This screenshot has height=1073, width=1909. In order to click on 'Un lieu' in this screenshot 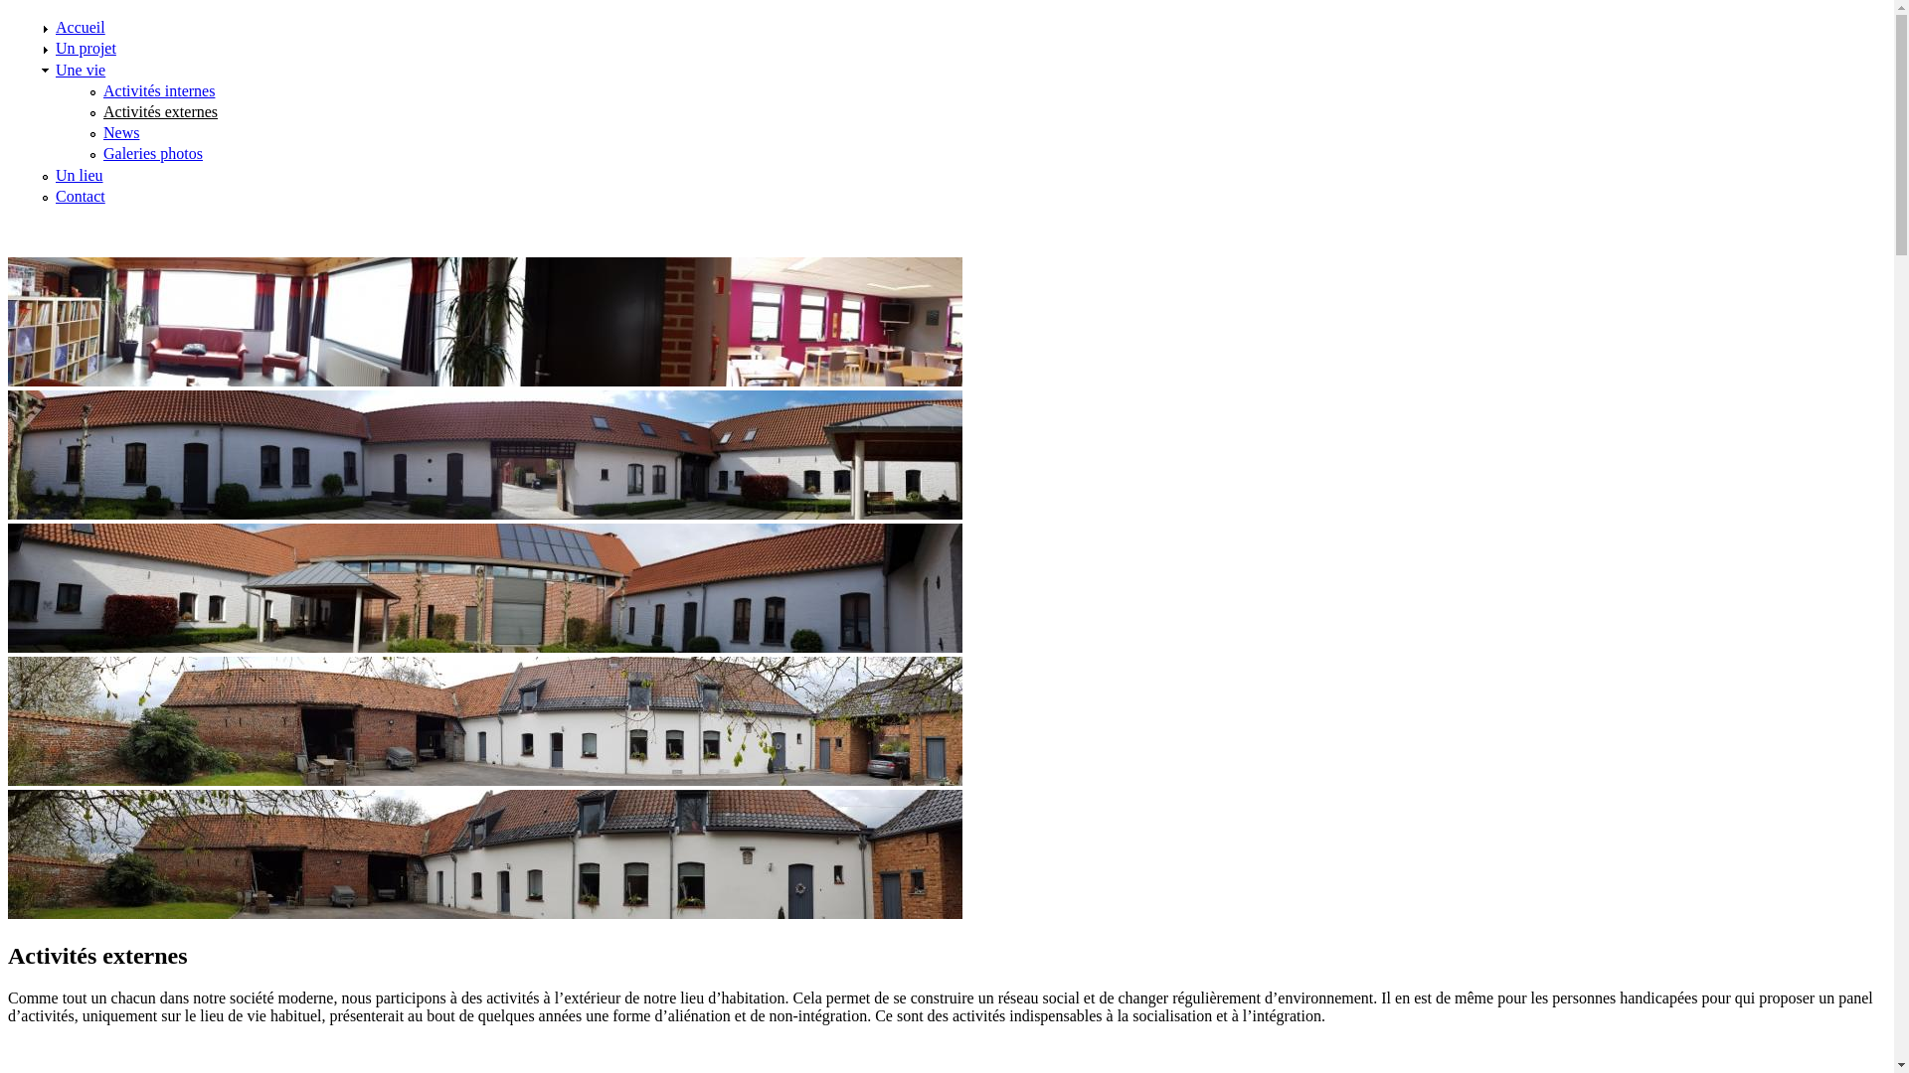, I will do `click(80, 174)`.